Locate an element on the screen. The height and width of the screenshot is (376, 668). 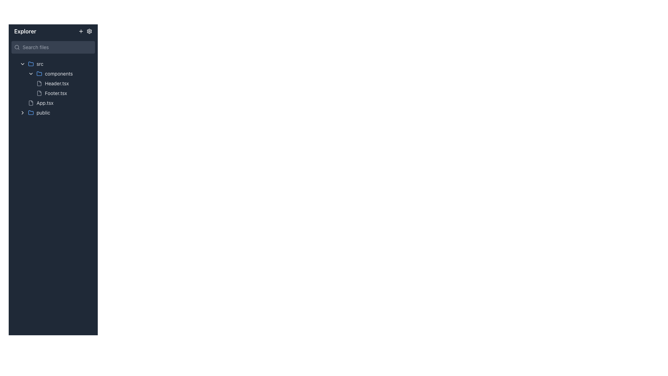
the downward chevron-shaped Dropdown toggle icon located within the 'components' directory entry in the sidebar is located at coordinates (31, 74).